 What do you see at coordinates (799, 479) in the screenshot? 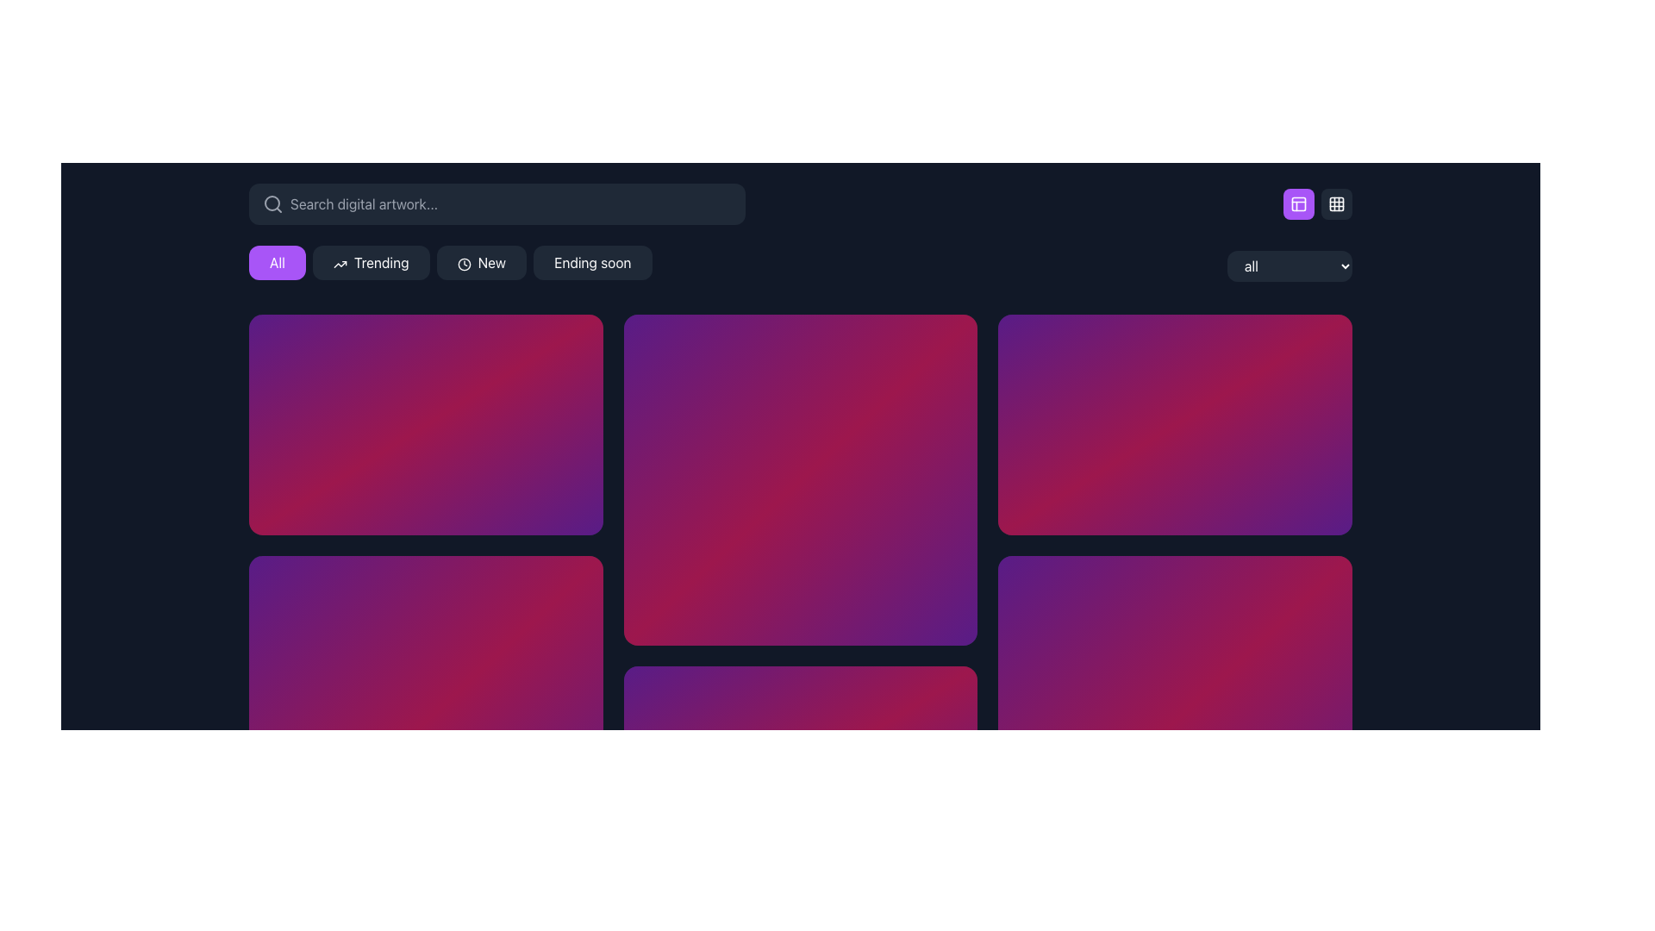
I see `the rectangular tile with a purple` at bounding box center [799, 479].